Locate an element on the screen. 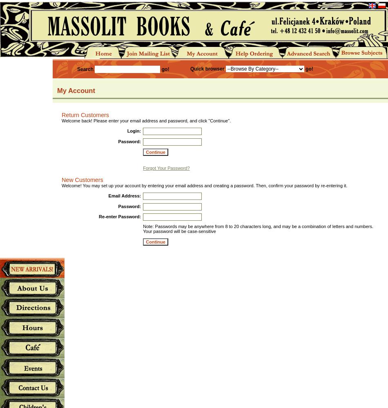 The image size is (388, 408). 'Cafe' is located at coordinates (32, 347).